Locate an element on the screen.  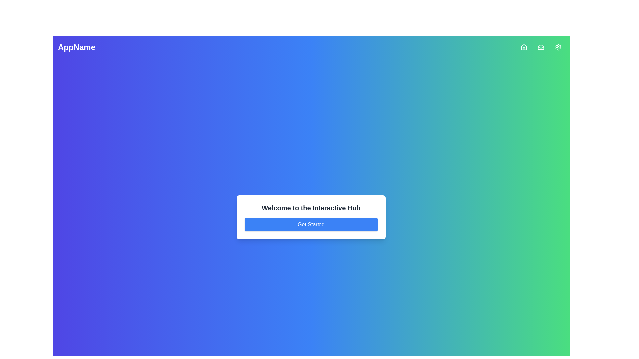
the Icon button located in the top right corner of the interface is located at coordinates (541, 47).